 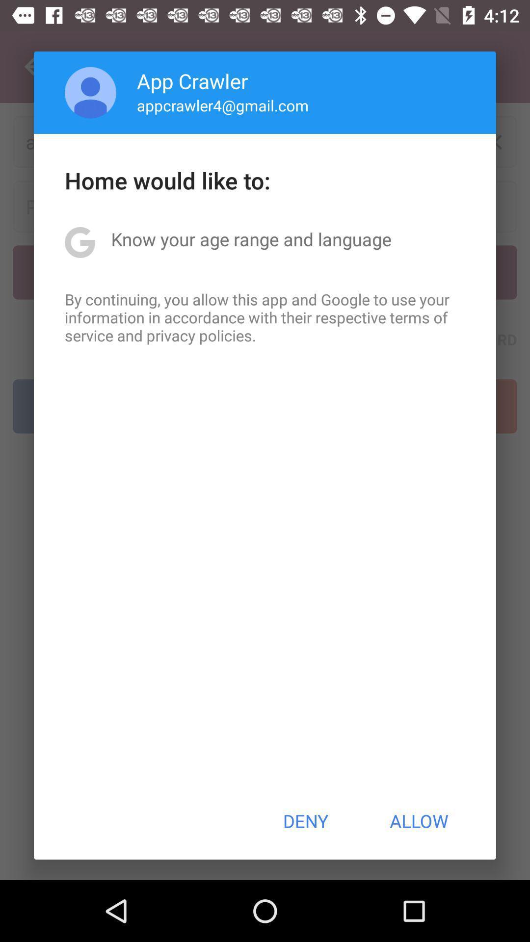 What do you see at coordinates (251, 239) in the screenshot?
I see `know your age icon` at bounding box center [251, 239].